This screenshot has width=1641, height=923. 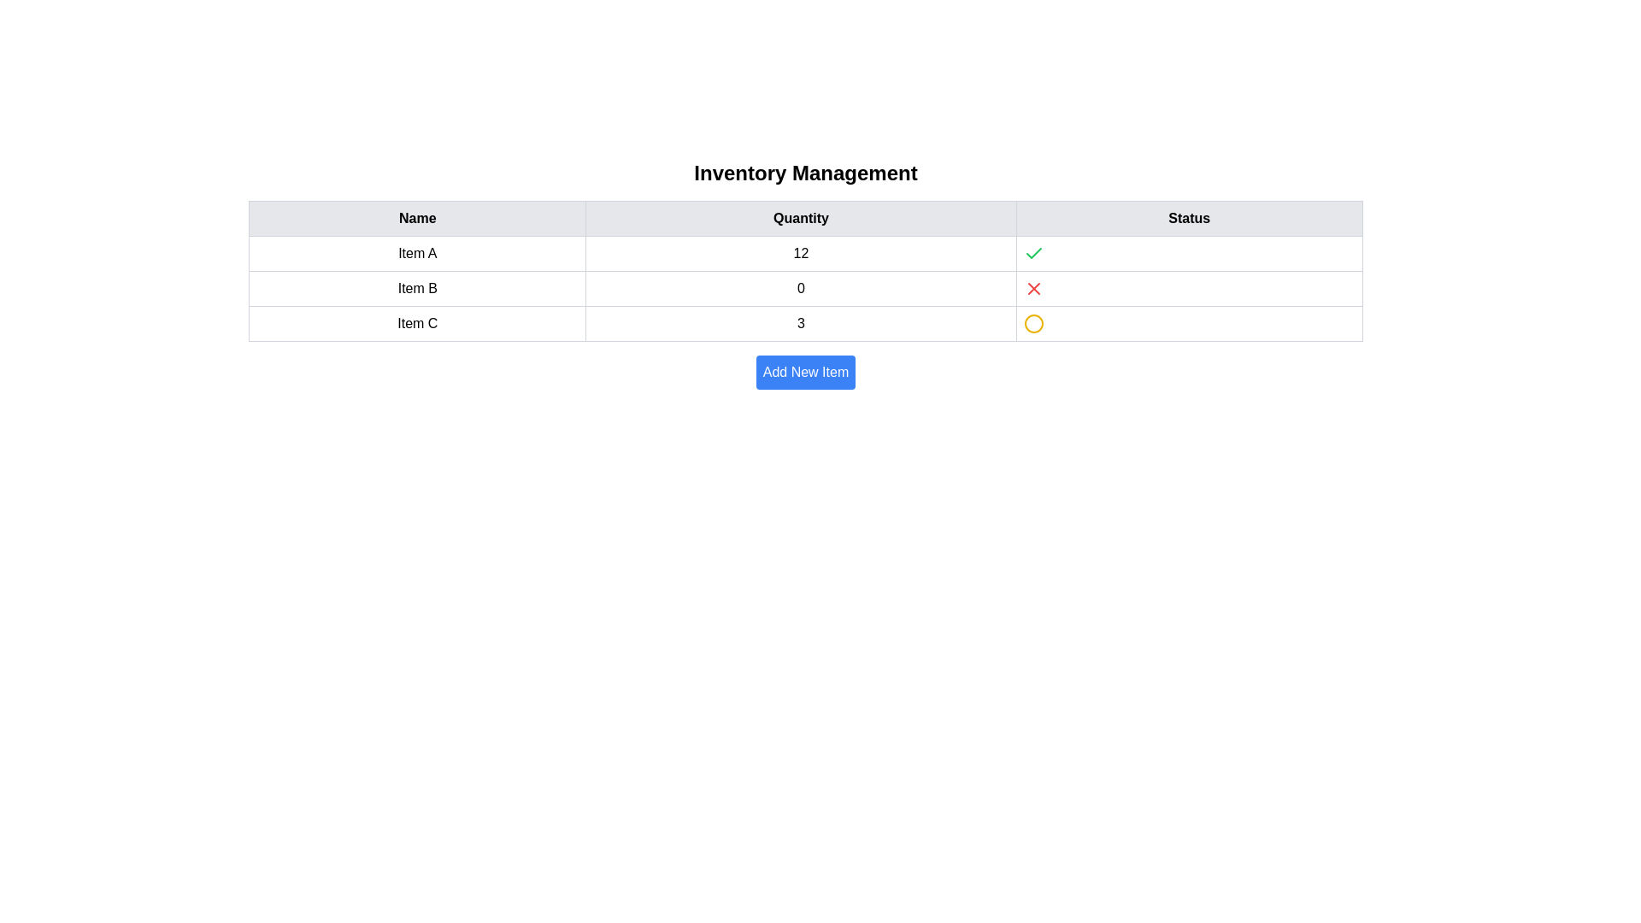 I want to click on the green checkmark icon located in the 'Status' column of the first row in the table, positioned above the icon associated with 'Item A', so click(x=1032, y=253).